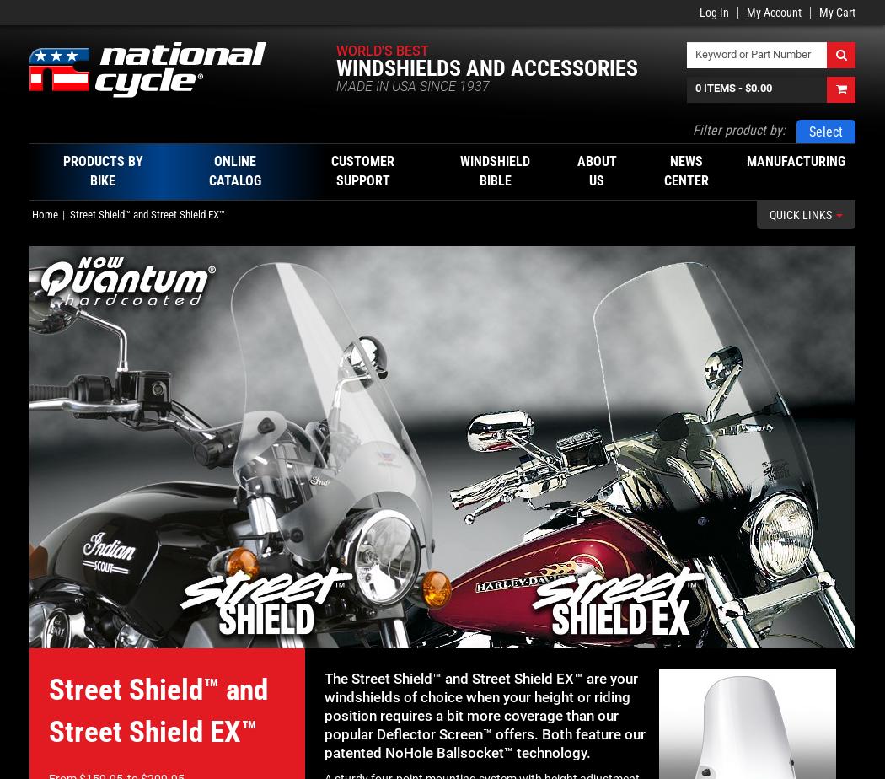 The height and width of the screenshot is (779, 885). I want to click on 'About Us', so click(596, 170).